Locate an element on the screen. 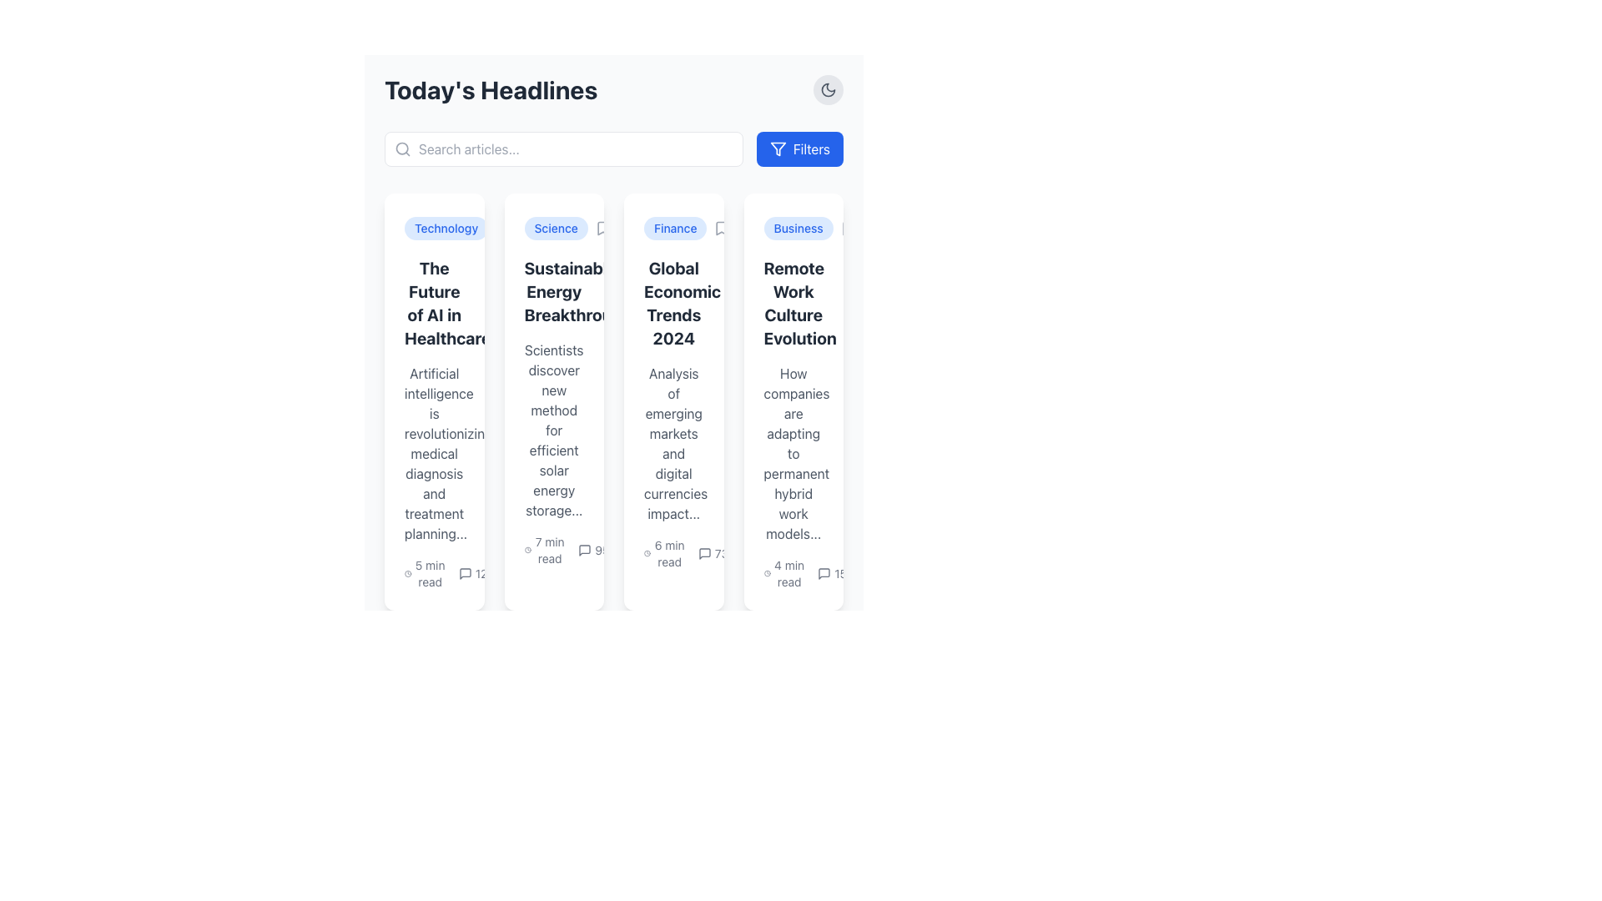 The width and height of the screenshot is (1602, 901). the search icon, styled as a magnifying glass, located at the left-hand side of the search bar beneath 'Today's Headlines' is located at coordinates (403, 148).